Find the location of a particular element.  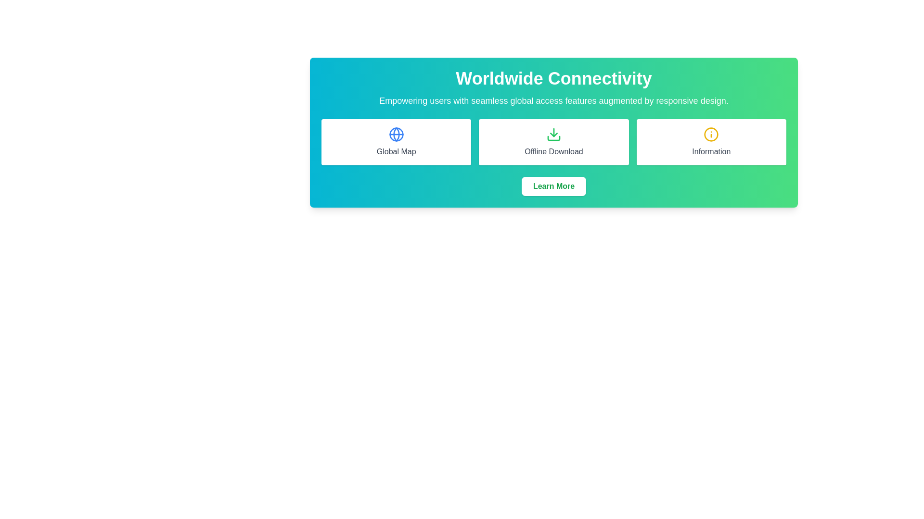

the circular SVG graphic element that enhances the visual clarity of the 'Information' option, located at the far-right of three selectable options in the green-gradient block is located at coordinates (711, 135).